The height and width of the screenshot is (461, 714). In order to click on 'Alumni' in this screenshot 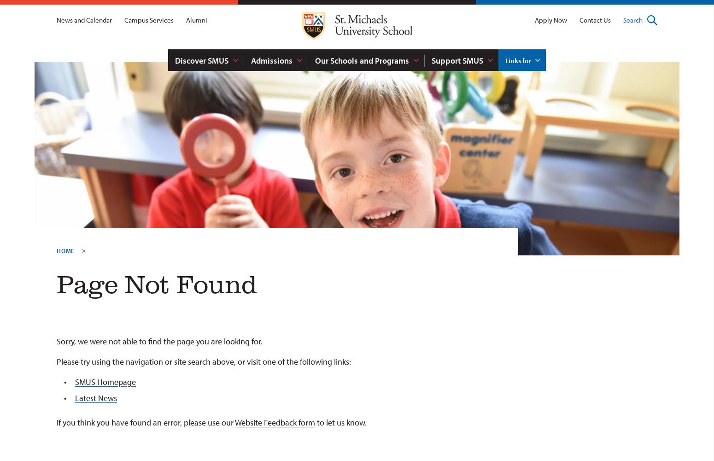, I will do `click(197, 20)`.